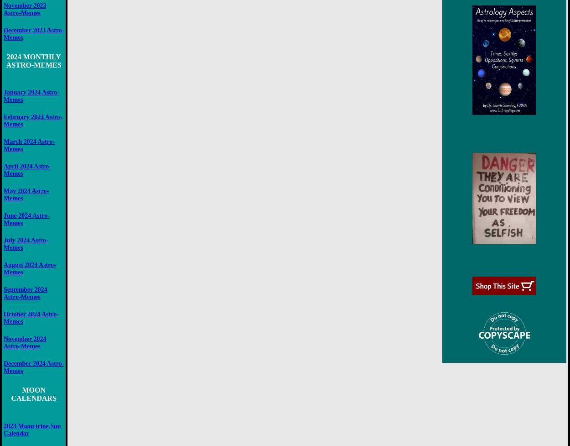  I want to click on 'April 2024 Astro-Memes', so click(27, 170).